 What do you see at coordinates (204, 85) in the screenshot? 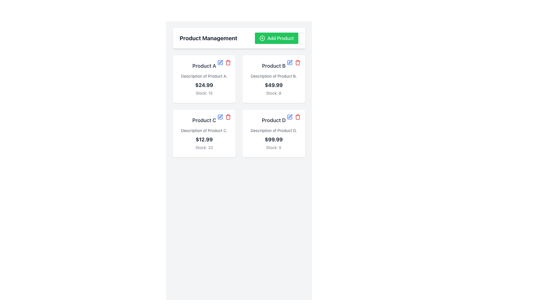
I see `price information displayed in bold, large text as '$24.99' located in the product card for 'Product A' beneath the product description` at bounding box center [204, 85].